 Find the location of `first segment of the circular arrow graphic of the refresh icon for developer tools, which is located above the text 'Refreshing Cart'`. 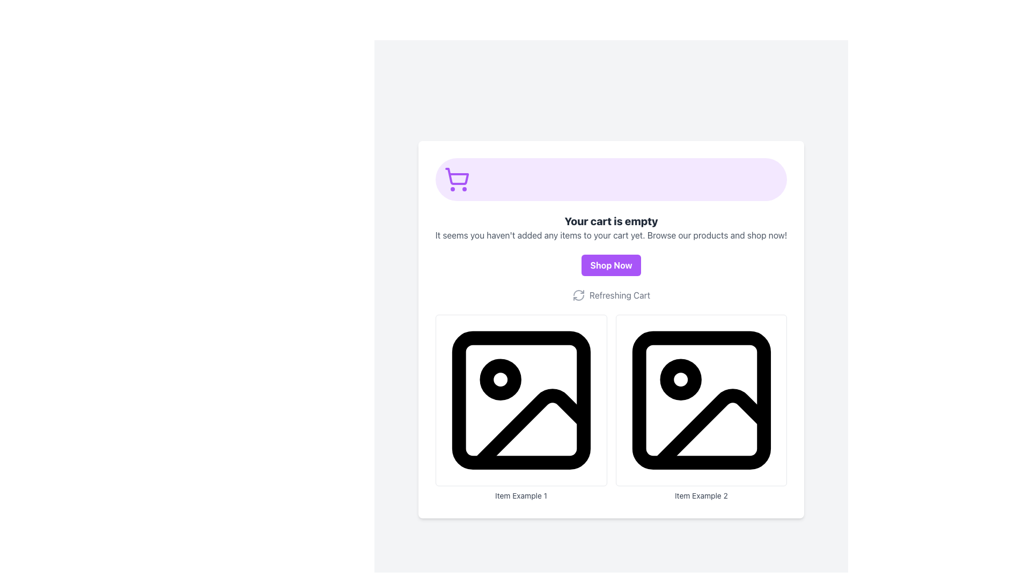

first segment of the circular arrow graphic of the refresh icon for developer tools, which is located above the text 'Refreshing Cart' is located at coordinates (578, 293).